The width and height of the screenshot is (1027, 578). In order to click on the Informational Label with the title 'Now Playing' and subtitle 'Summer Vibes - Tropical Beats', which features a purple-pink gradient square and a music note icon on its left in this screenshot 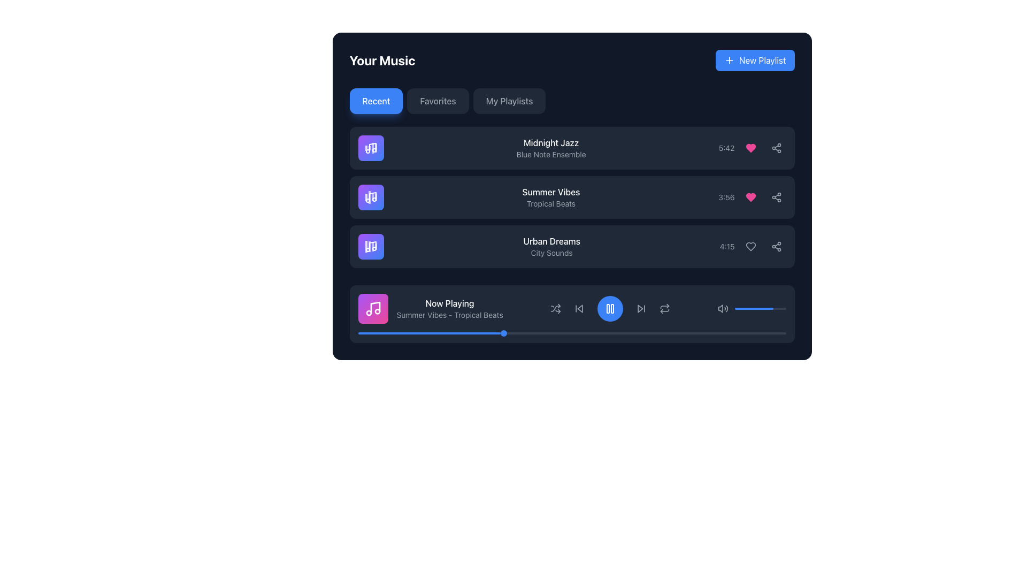, I will do `click(431, 309)`.